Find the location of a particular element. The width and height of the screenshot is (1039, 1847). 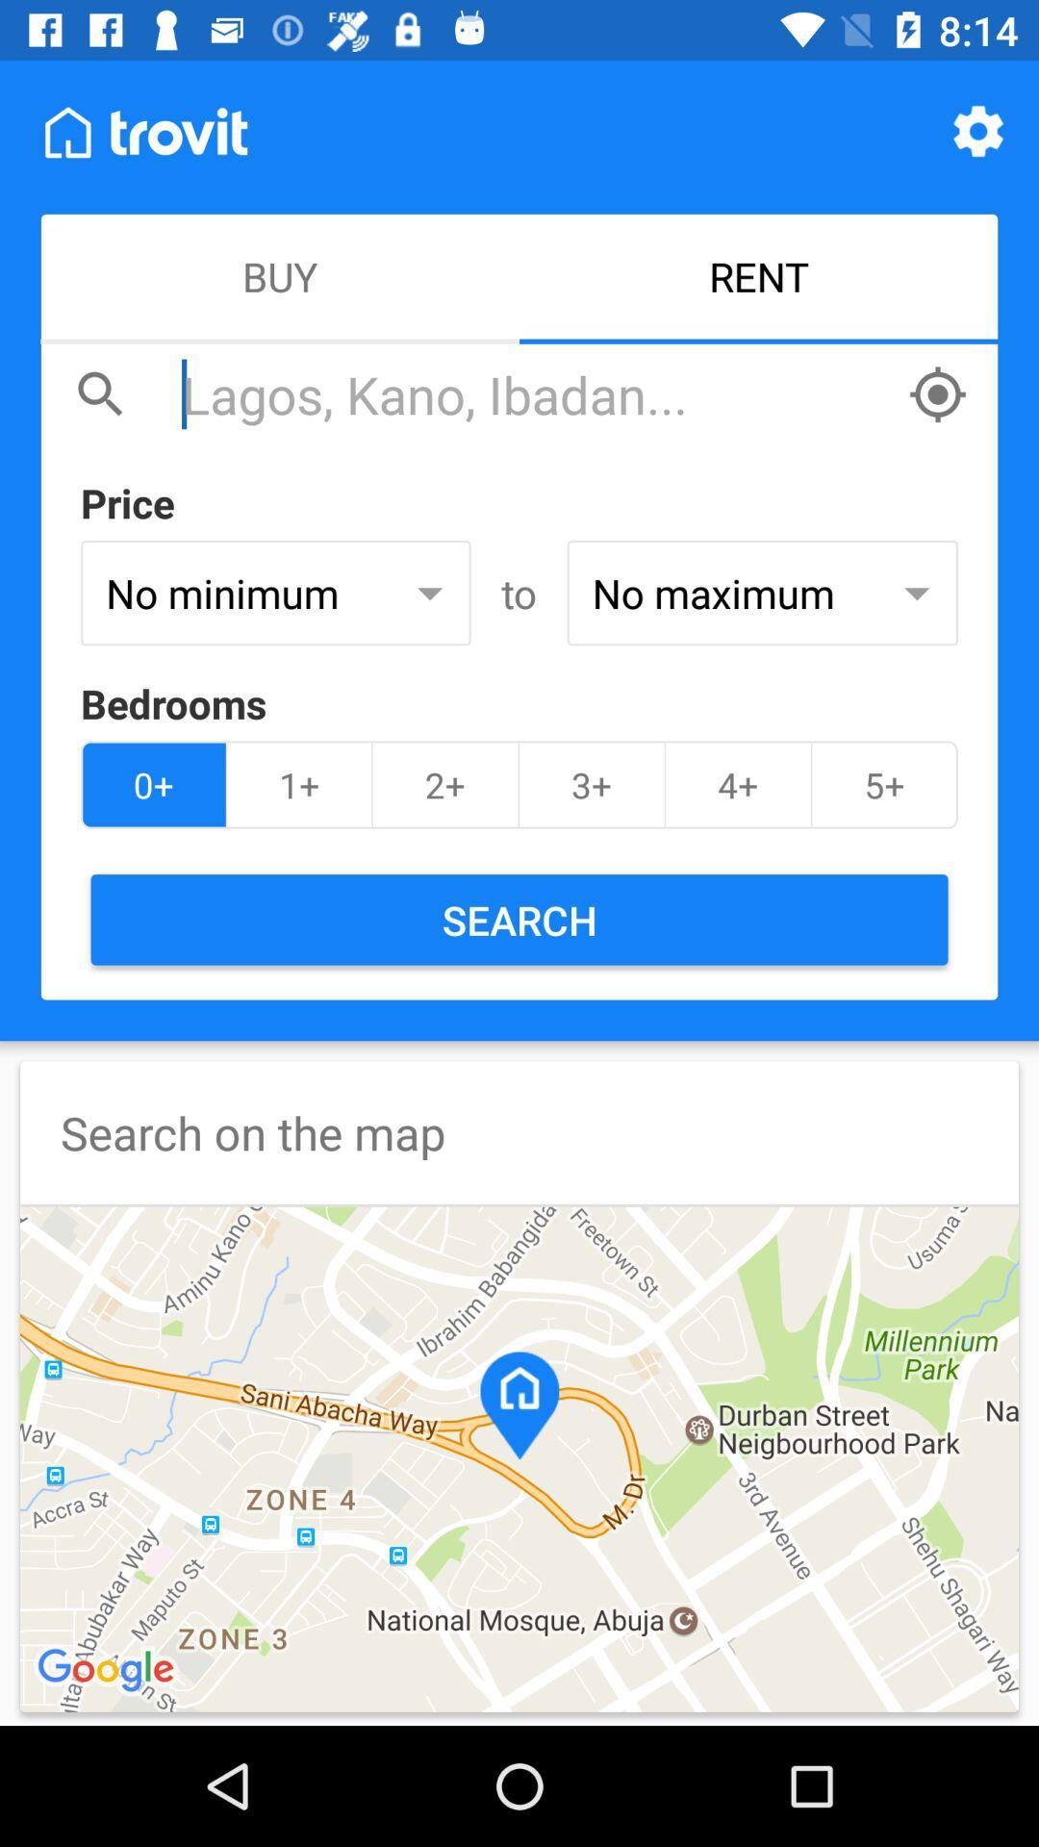

current location is located at coordinates (937, 393).